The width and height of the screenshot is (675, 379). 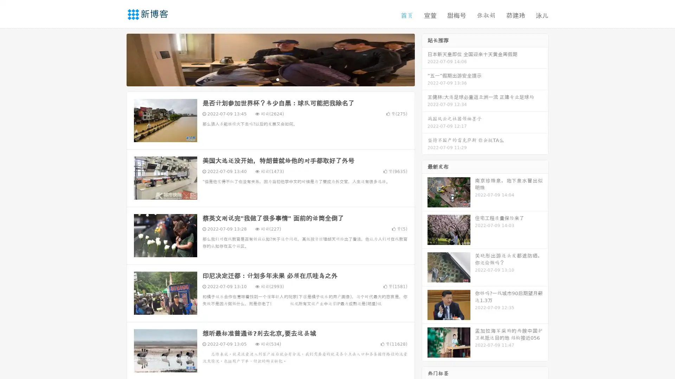 What do you see at coordinates (270, 79) in the screenshot?
I see `Go to slide 2` at bounding box center [270, 79].